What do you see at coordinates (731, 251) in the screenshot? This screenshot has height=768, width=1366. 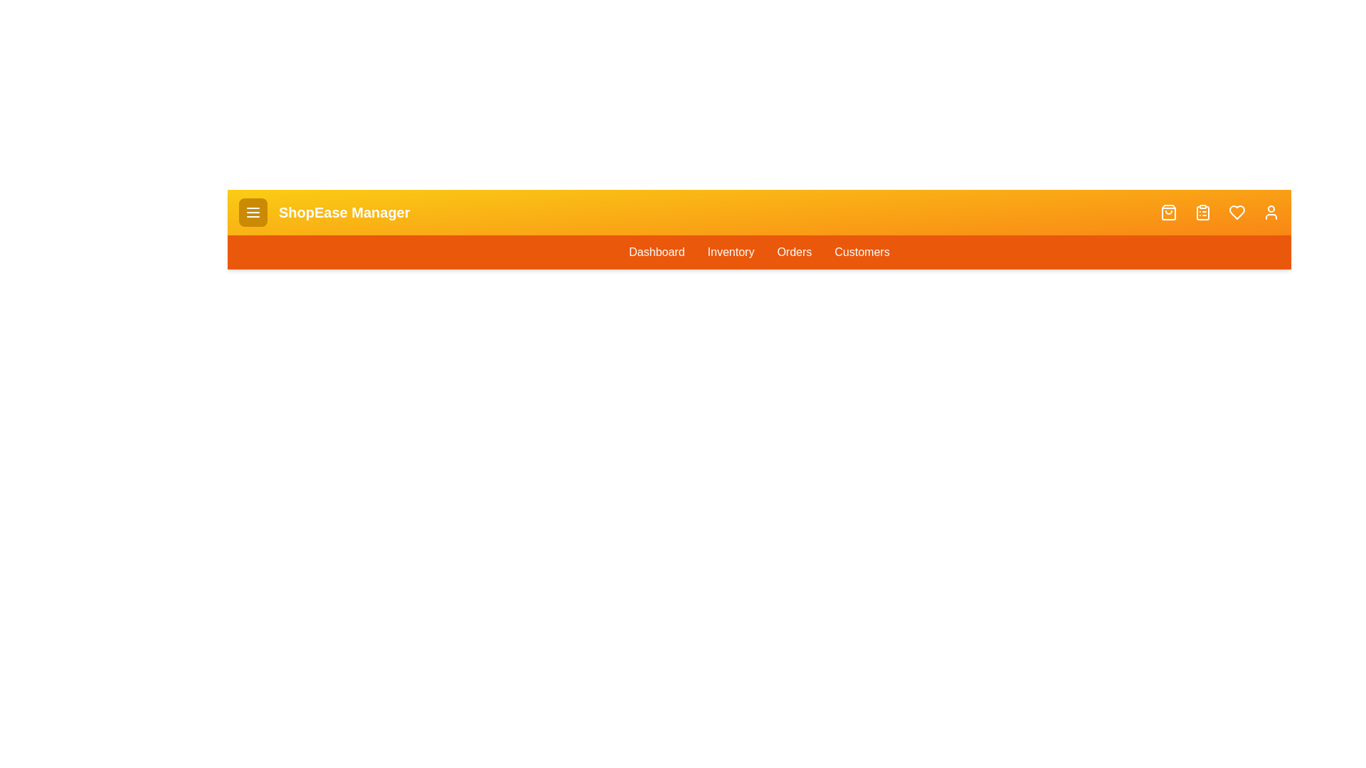 I see `the navigation link for Inventory to navigate to the respective section` at bounding box center [731, 251].